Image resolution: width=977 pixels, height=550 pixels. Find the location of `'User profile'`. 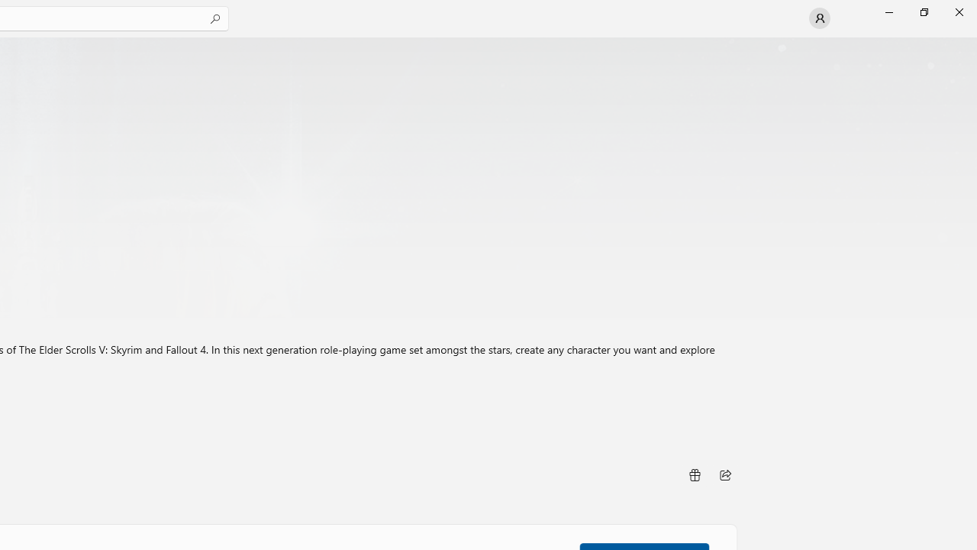

'User profile' is located at coordinates (818, 18).